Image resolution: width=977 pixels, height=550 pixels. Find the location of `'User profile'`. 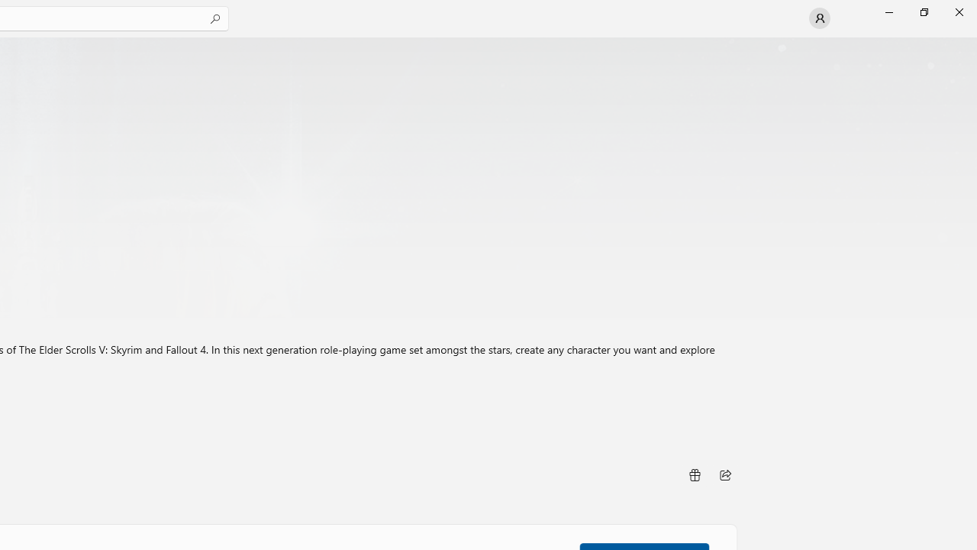

'User profile' is located at coordinates (818, 18).